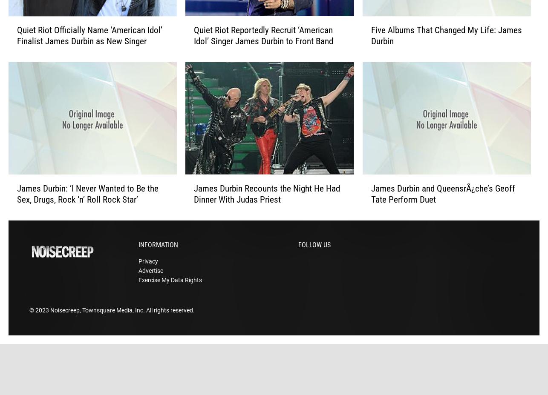 This screenshot has height=395, width=548. What do you see at coordinates (88, 207) in the screenshot?
I see `'James Durbin: ‘I Never Wanted to Be the Sex, Drugs, Rock ‘n’ Roll Rock Star’'` at bounding box center [88, 207].